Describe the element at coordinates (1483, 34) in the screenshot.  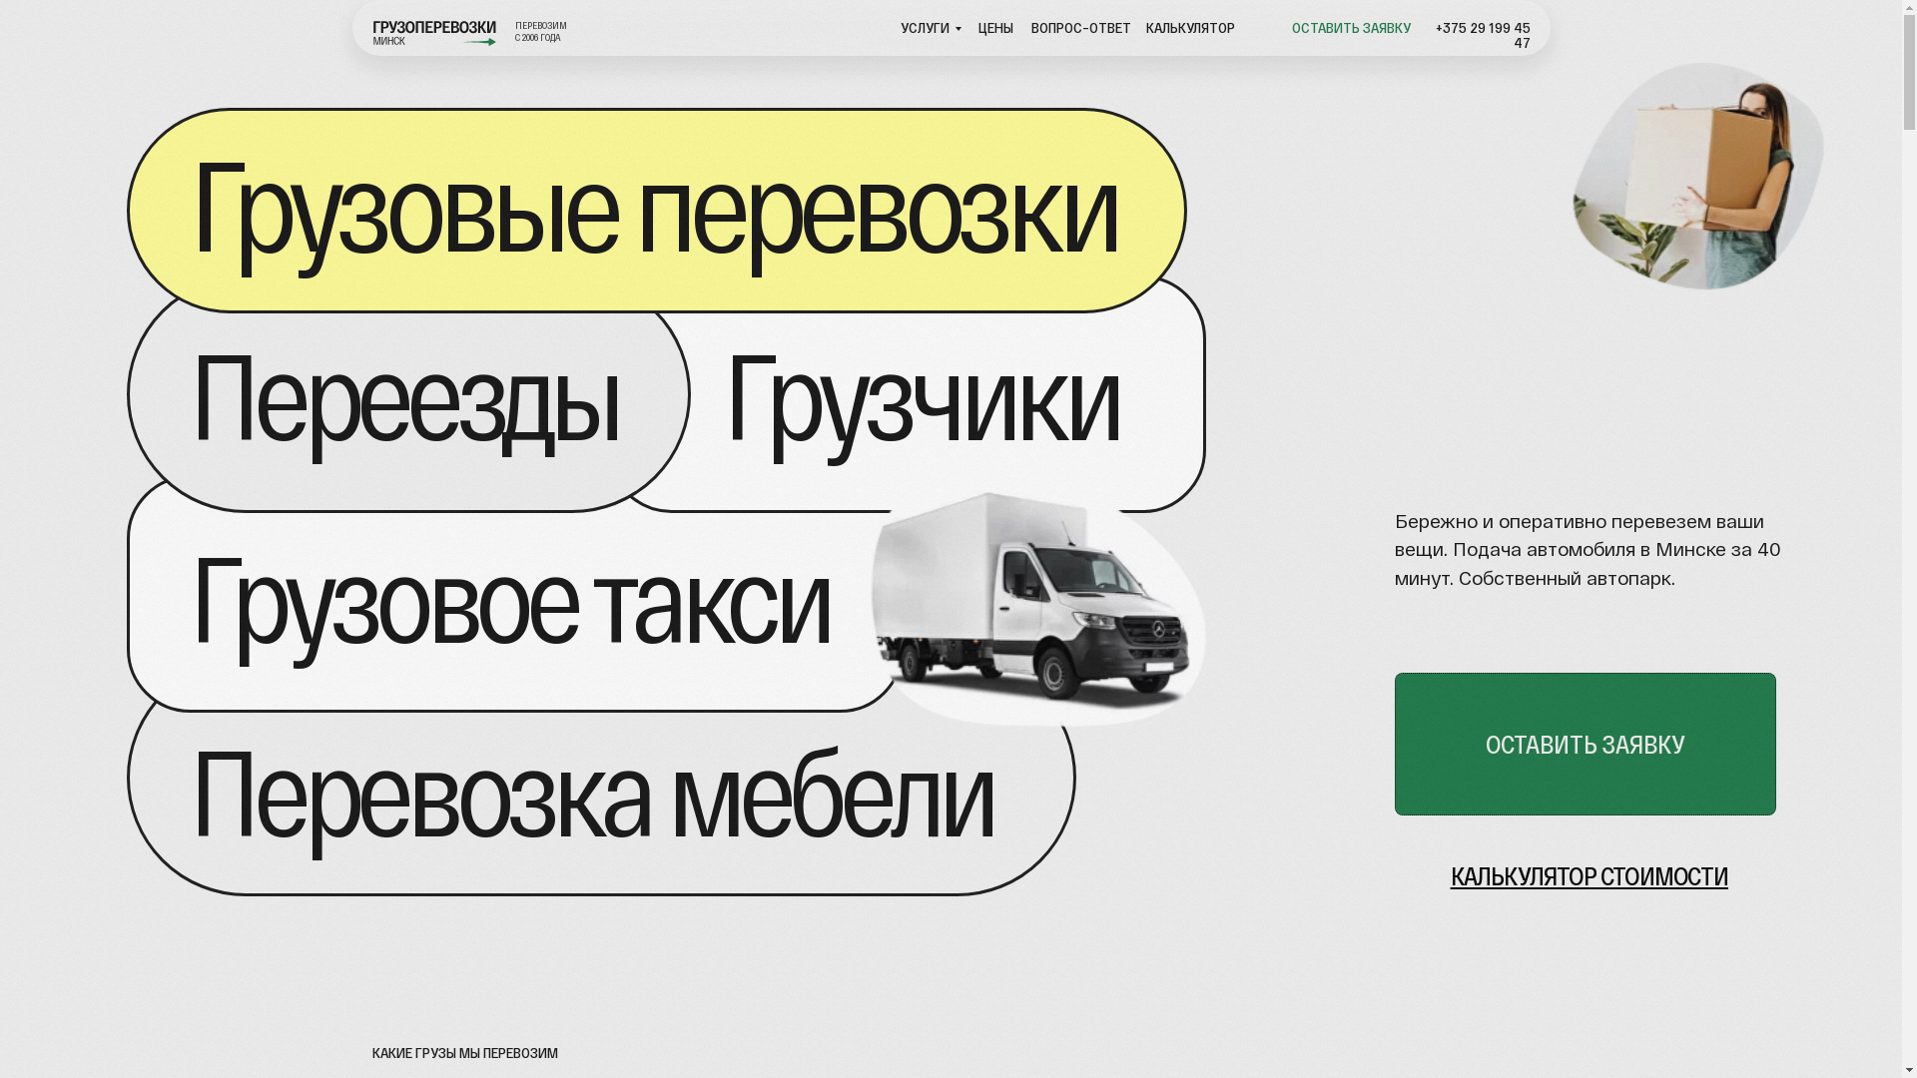
I see `'+375 29 199 45 47'` at that location.